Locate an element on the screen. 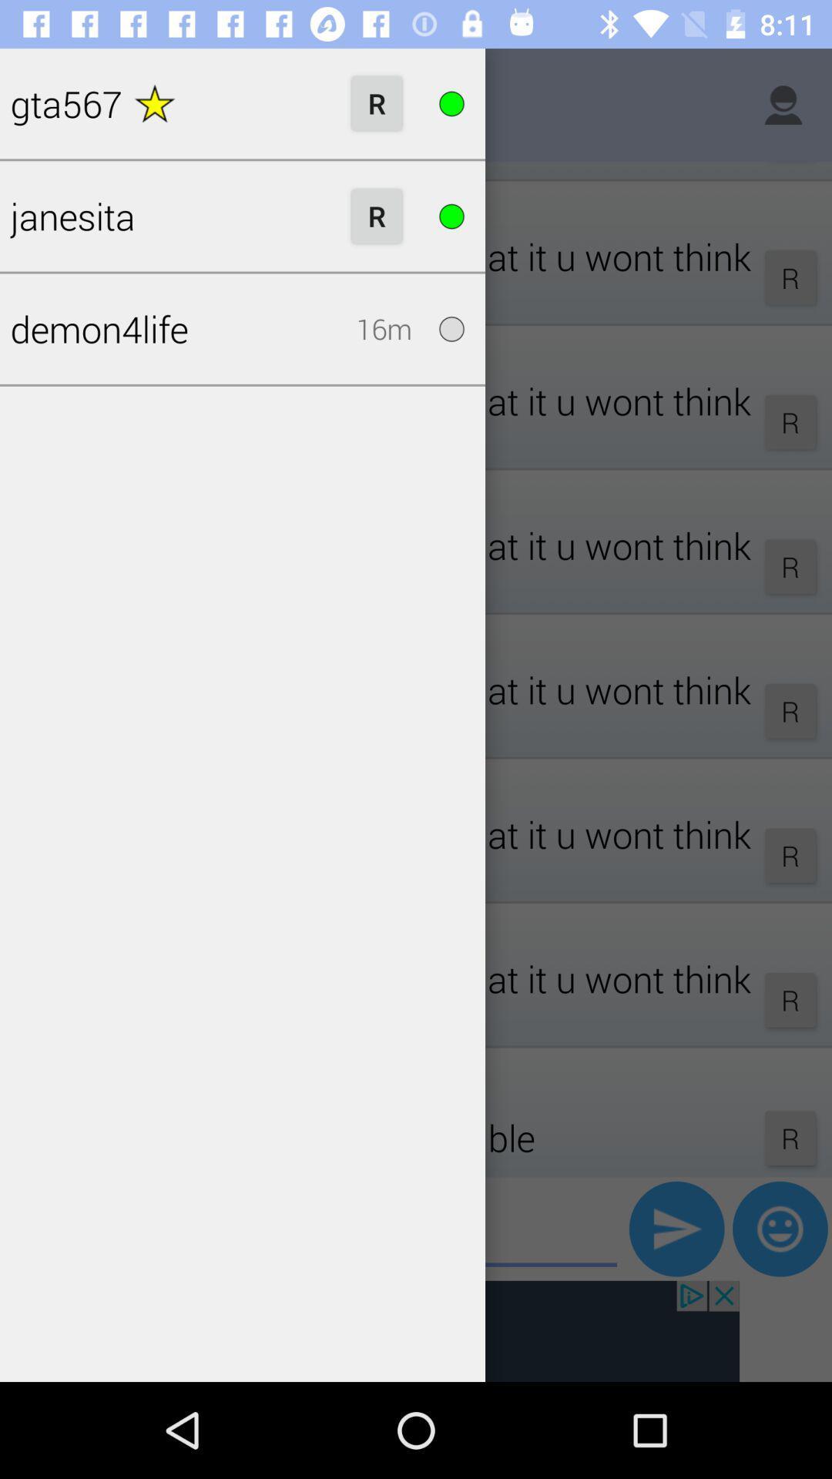 This screenshot has height=1479, width=832. the emoji icon is located at coordinates (780, 1228).